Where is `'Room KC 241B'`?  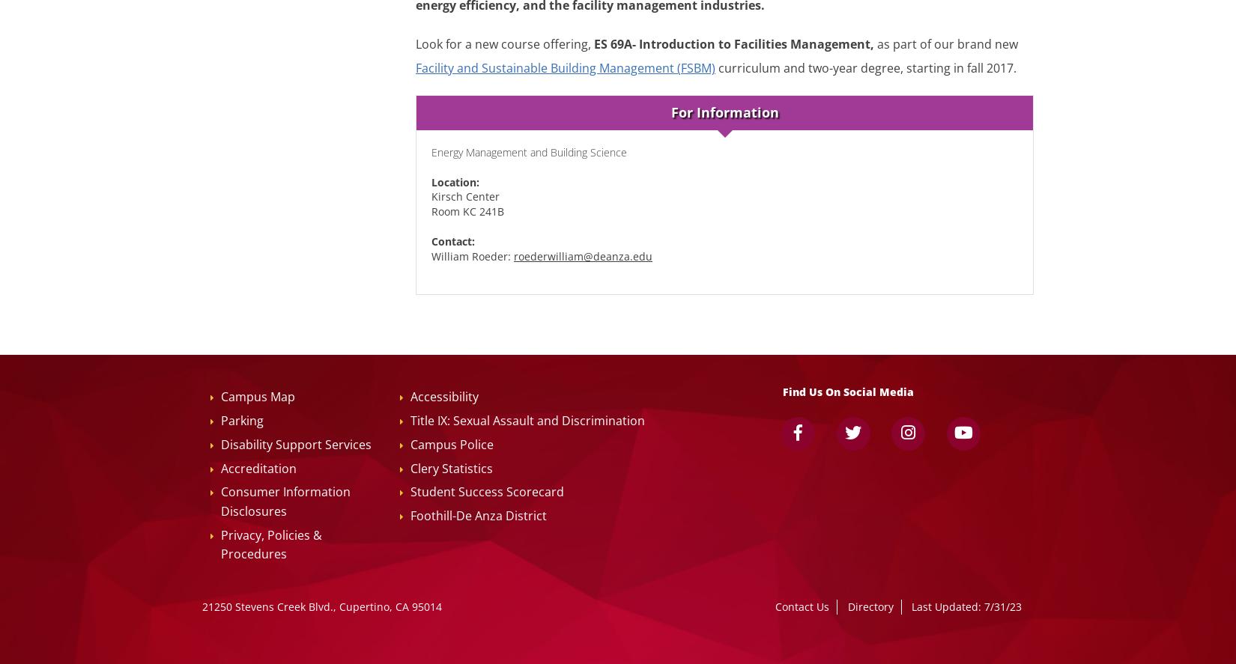 'Room KC 241B' is located at coordinates (467, 210).